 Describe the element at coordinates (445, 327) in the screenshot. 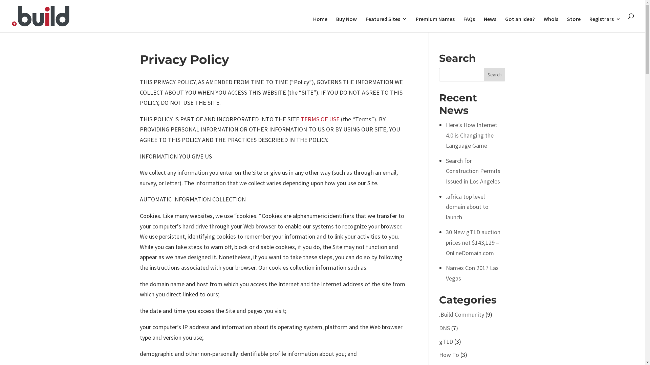

I see `'DNS'` at that location.